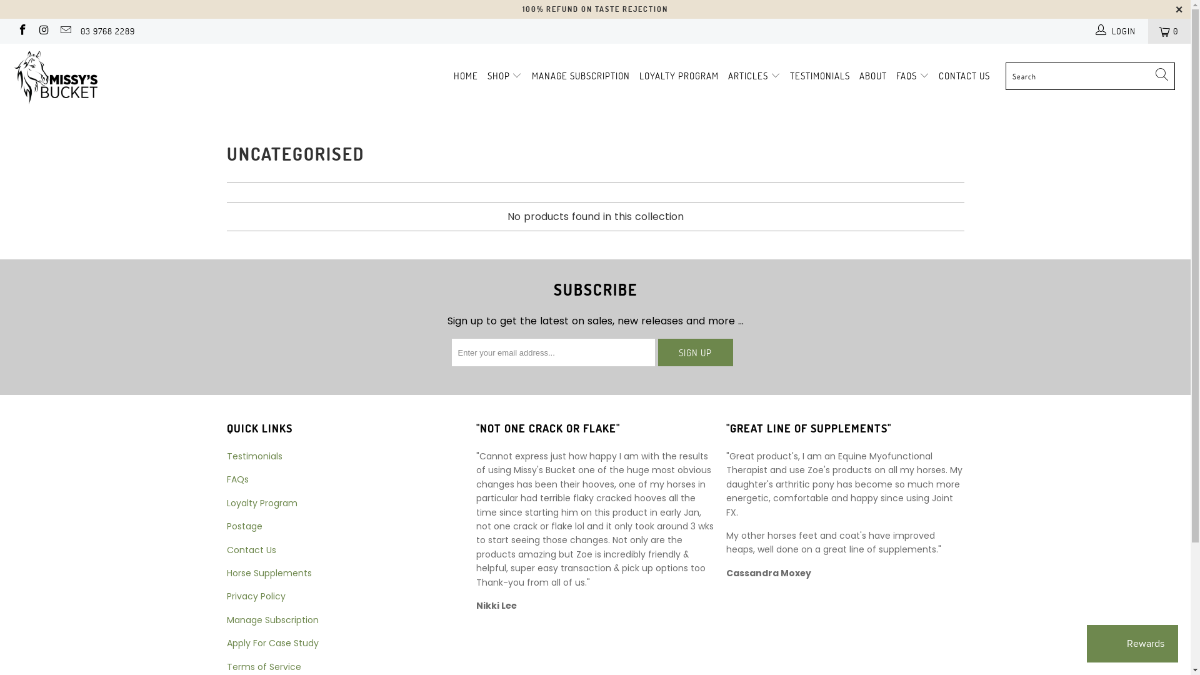 The image size is (1200, 675). I want to click on 'LOGIN', so click(1116, 31).